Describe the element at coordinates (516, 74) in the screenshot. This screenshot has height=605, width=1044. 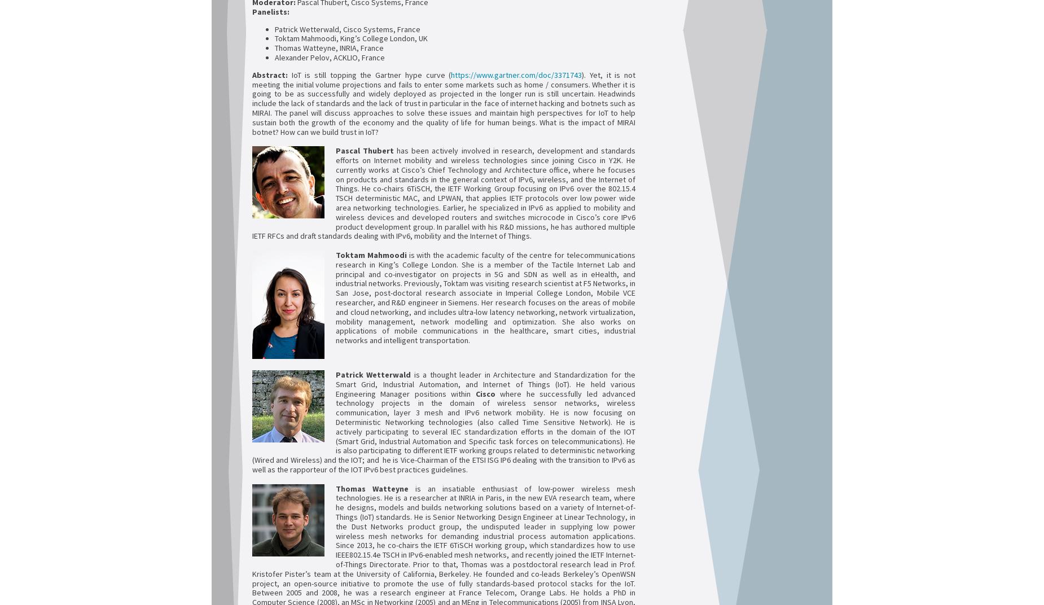
I see `'https://www.gartner.com/doc/3371743'` at that location.